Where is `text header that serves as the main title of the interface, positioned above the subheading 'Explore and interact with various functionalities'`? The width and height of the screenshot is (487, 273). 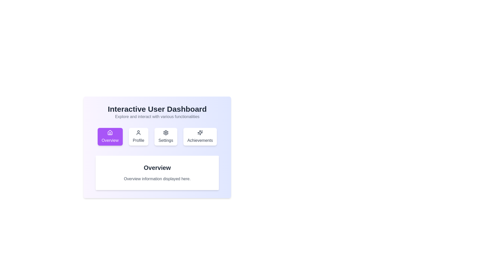 text header that serves as the main title of the interface, positioned above the subheading 'Explore and interact with various functionalities' is located at coordinates (157, 109).